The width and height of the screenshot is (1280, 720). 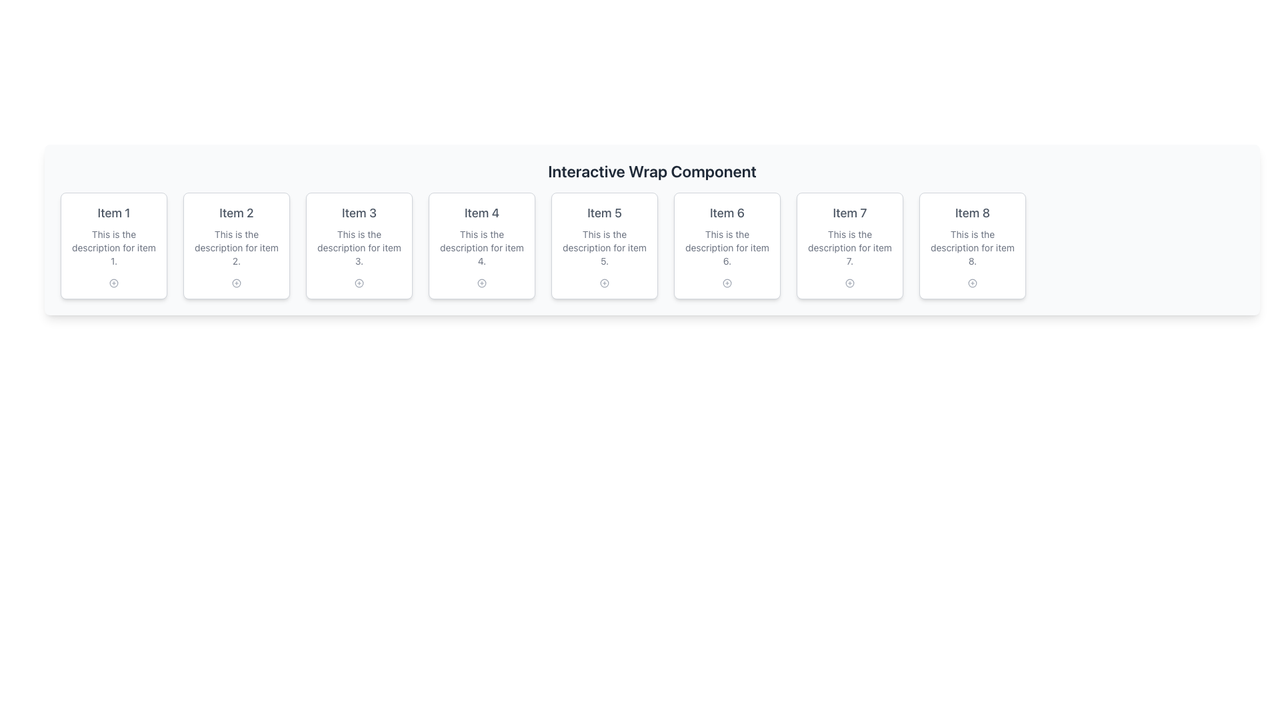 What do you see at coordinates (481, 282) in the screenshot?
I see `the circular graphical element within the 'add' or 'circle-plus' icon located in the 'Item 4' card, positioned centrally below the text content of the card` at bounding box center [481, 282].